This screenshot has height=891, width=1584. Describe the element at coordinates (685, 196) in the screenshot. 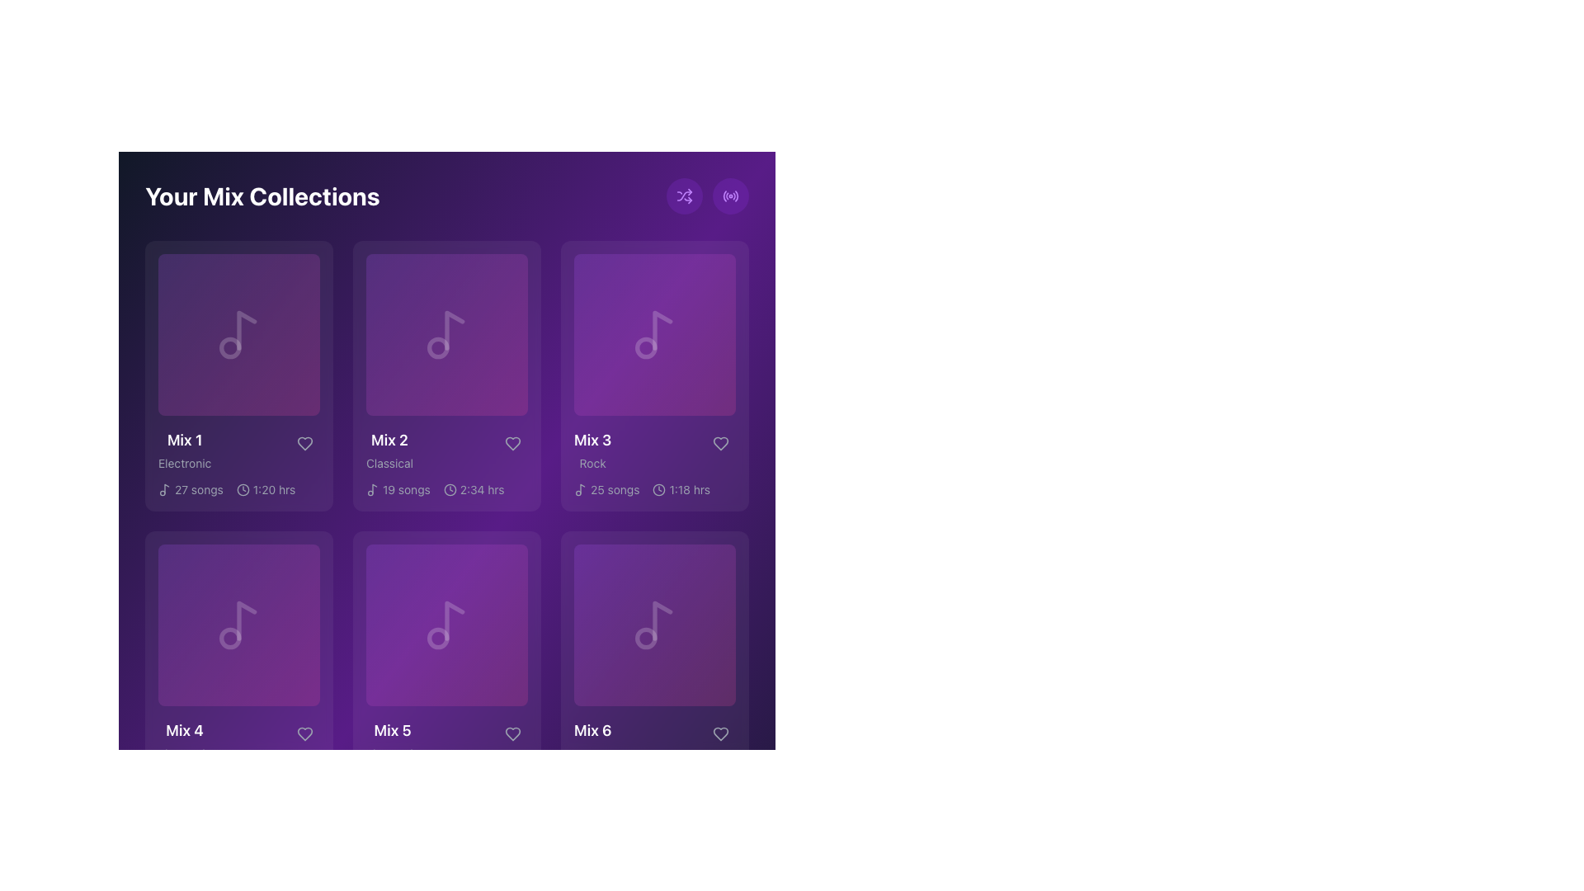

I see `the shuffle icon located in the top-right corner of the interface` at that location.